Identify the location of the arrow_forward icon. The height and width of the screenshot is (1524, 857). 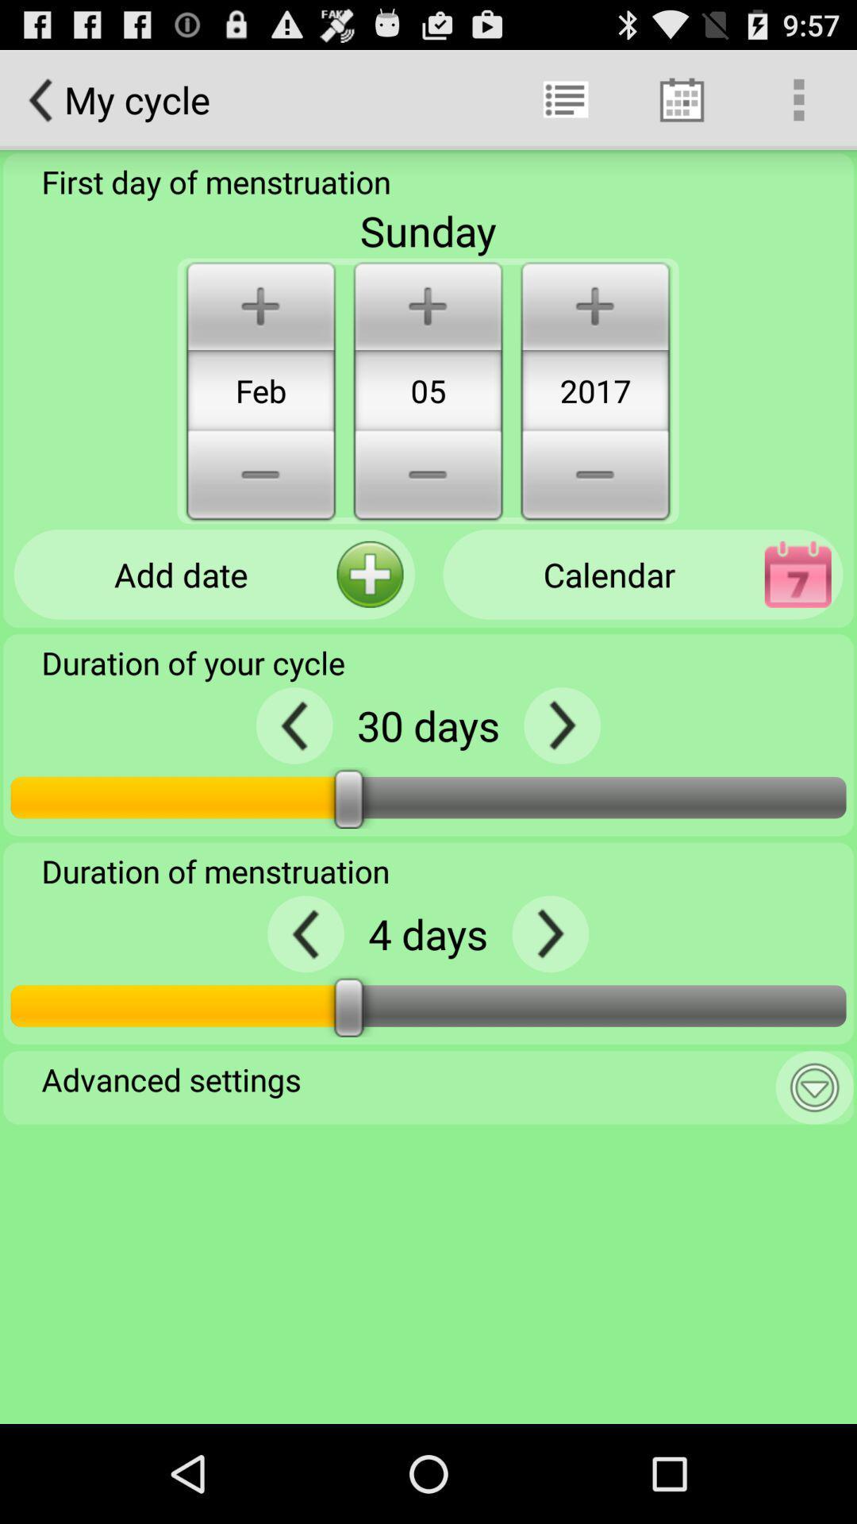
(561, 776).